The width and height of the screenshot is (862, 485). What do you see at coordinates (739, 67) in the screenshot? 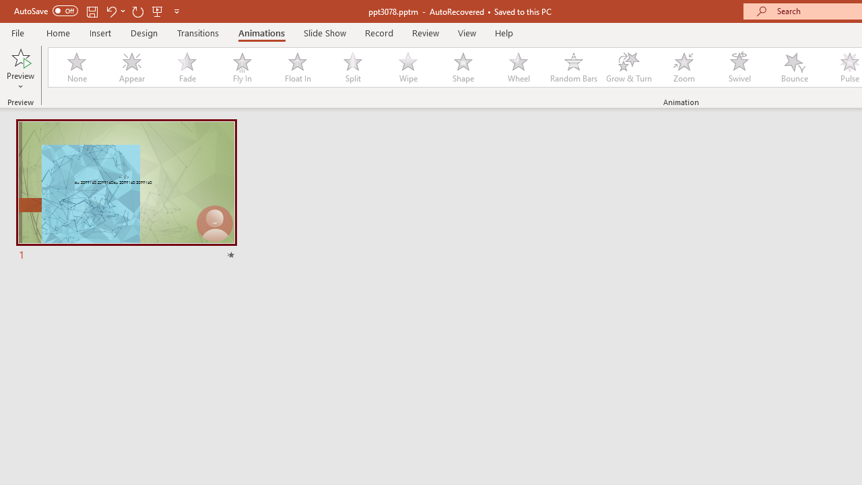
I see `'Swivel'` at bounding box center [739, 67].